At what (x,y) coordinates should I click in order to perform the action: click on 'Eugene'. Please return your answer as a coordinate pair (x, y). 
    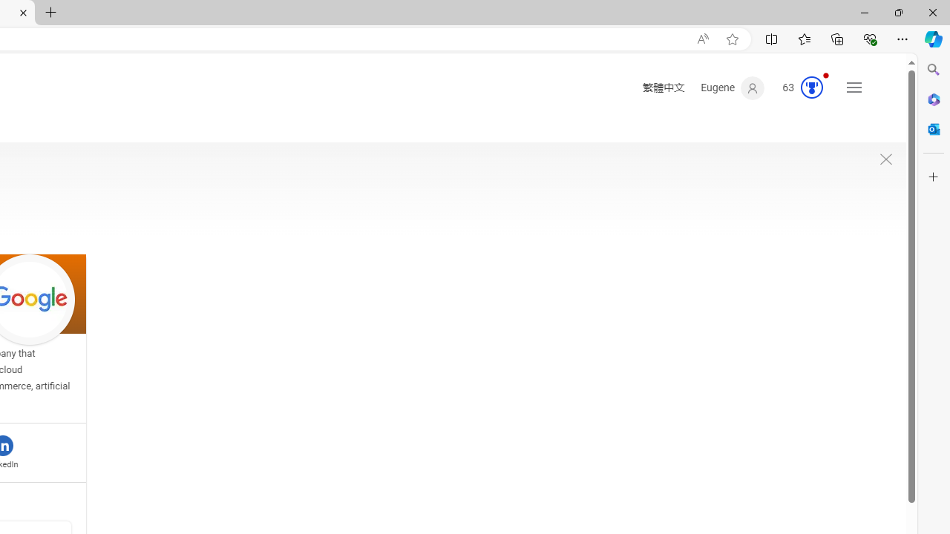
    Looking at the image, I should click on (733, 88).